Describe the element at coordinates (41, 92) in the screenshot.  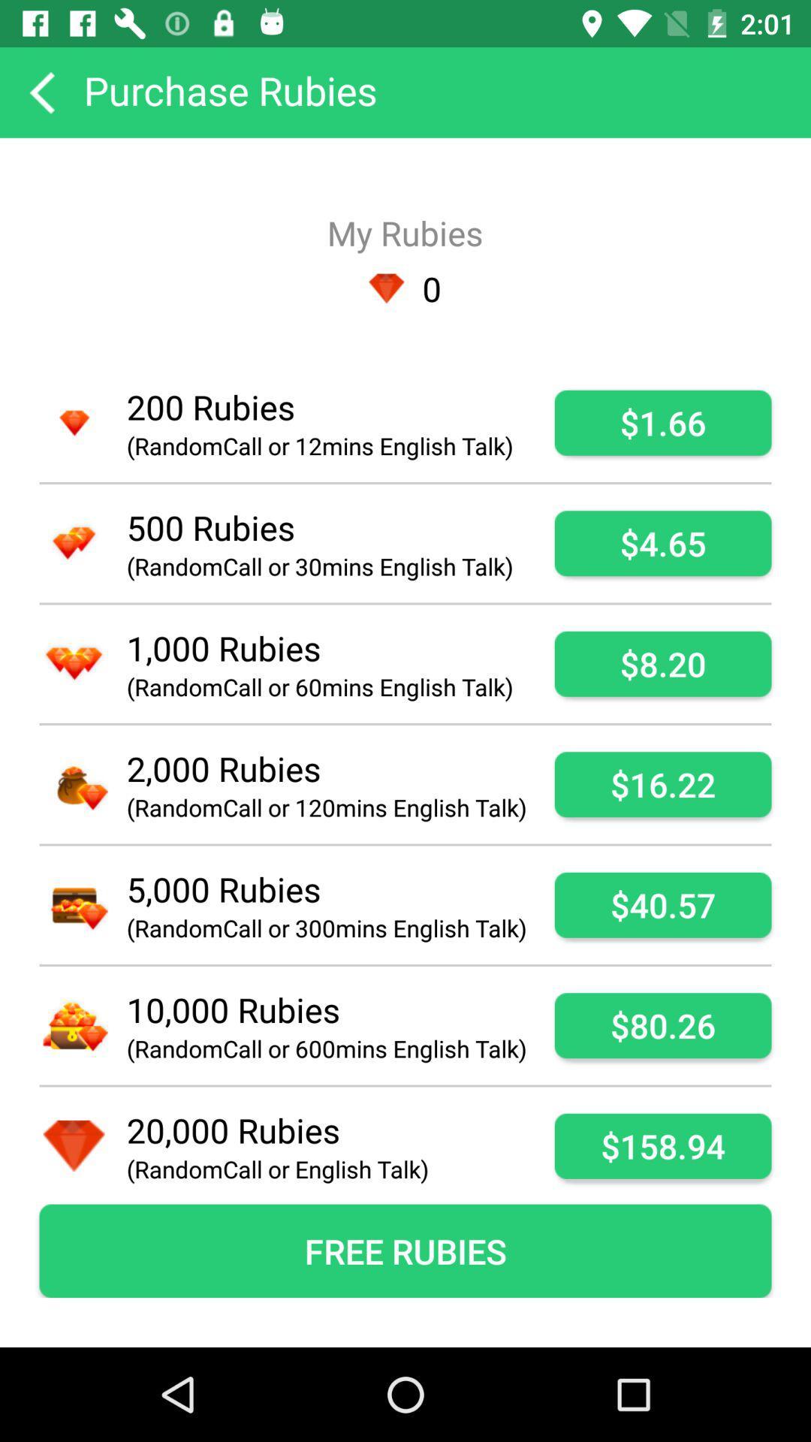
I see `item to the left of the purchase rubies app` at that location.